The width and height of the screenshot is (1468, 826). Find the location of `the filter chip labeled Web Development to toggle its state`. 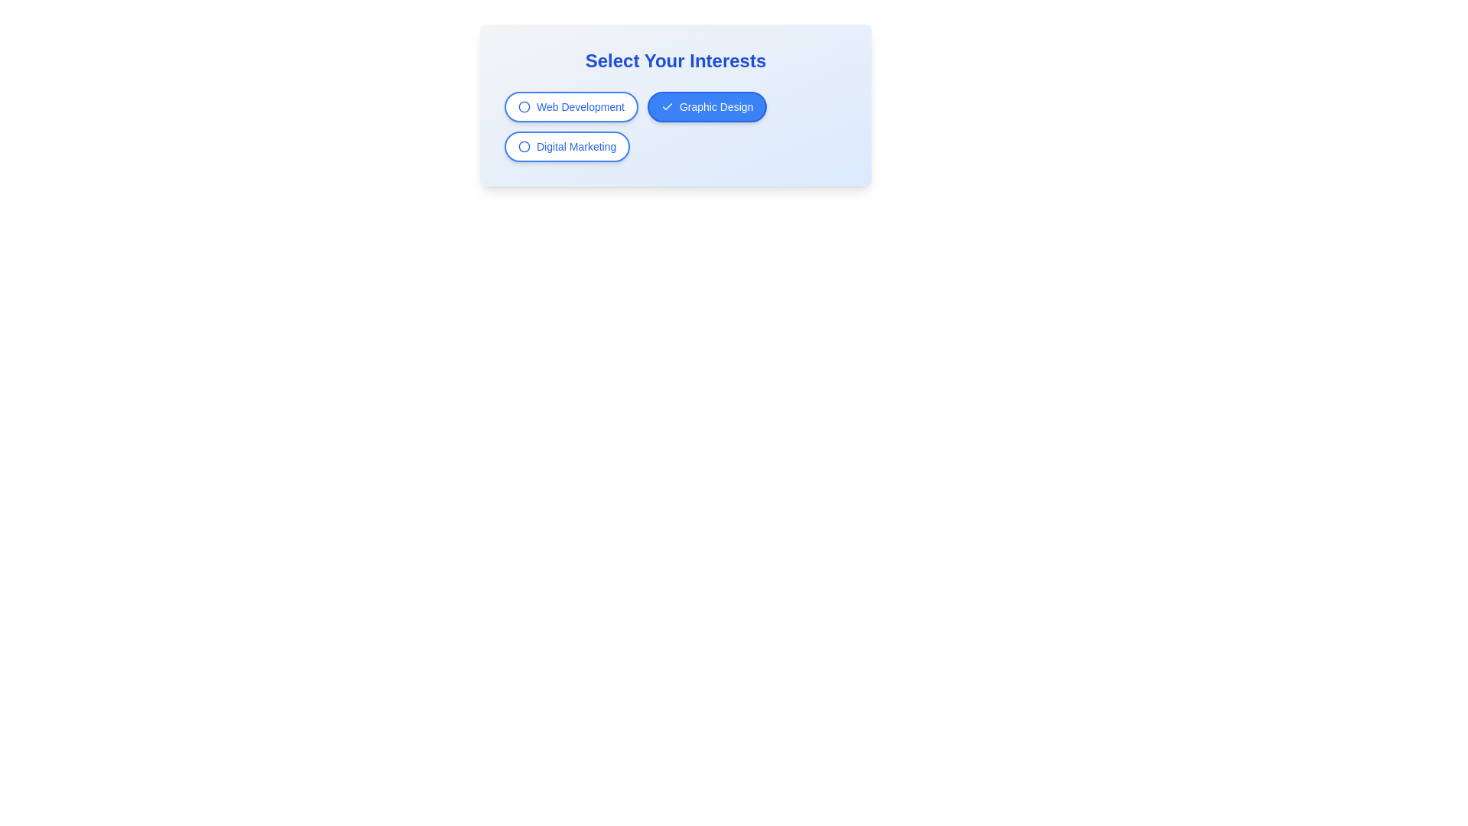

the filter chip labeled Web Development to toggle its state is located at coordinates (570, 106).